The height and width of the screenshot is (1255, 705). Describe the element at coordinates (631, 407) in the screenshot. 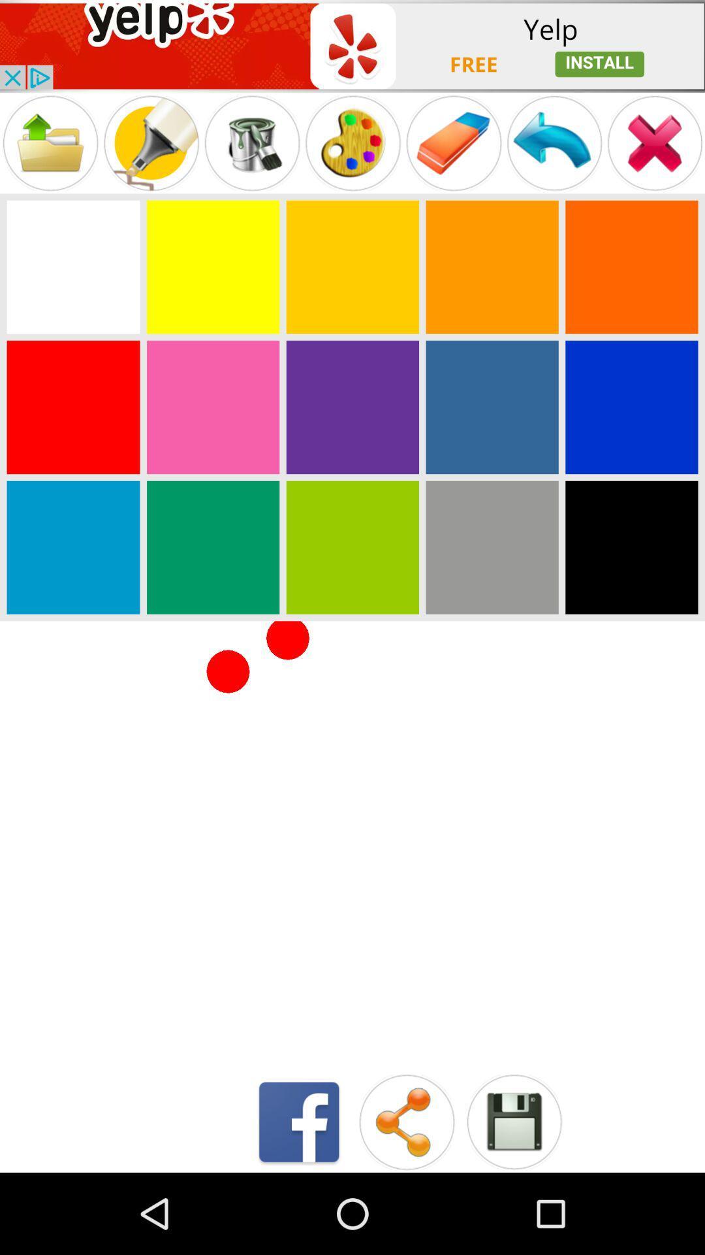

I see `use this colour` at that location.